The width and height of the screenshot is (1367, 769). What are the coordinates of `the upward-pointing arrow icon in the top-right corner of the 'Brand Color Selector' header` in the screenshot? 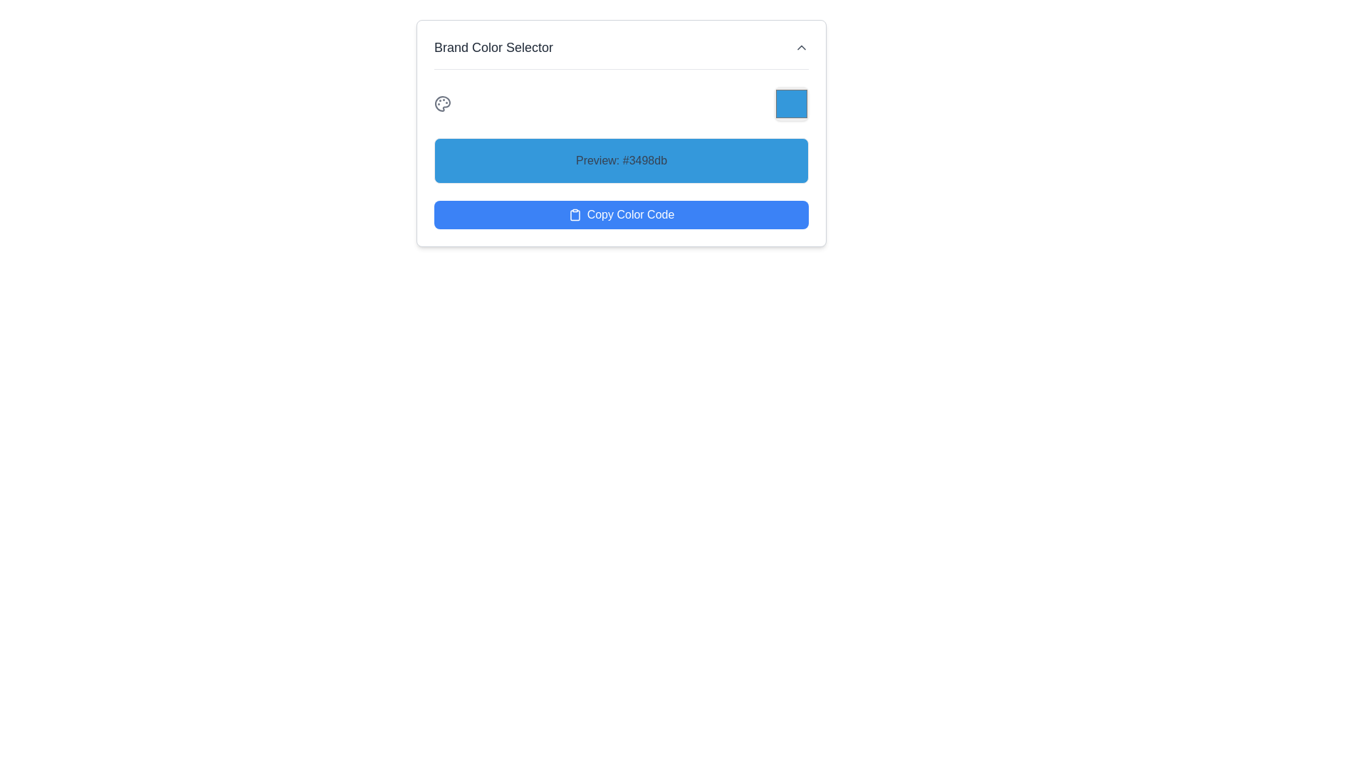 It's located at (802, 46).